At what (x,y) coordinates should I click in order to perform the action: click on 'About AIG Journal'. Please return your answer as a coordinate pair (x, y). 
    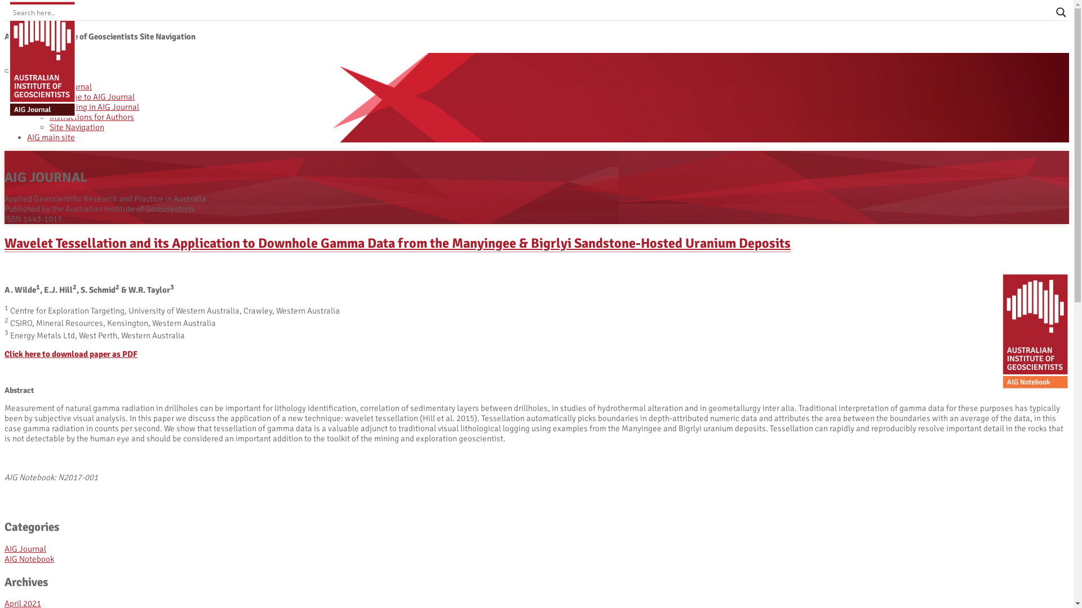
    Looking at the image, I should click on (59, 86).